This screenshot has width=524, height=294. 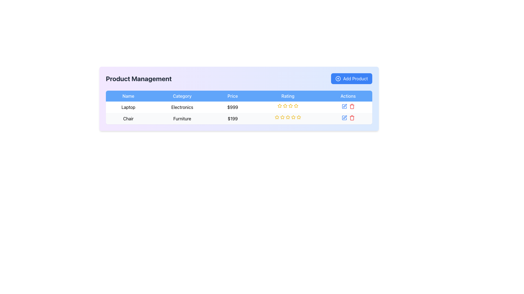 I want to click on the yellow star icon in the second row of the rating component, so click(x=277, y=117).